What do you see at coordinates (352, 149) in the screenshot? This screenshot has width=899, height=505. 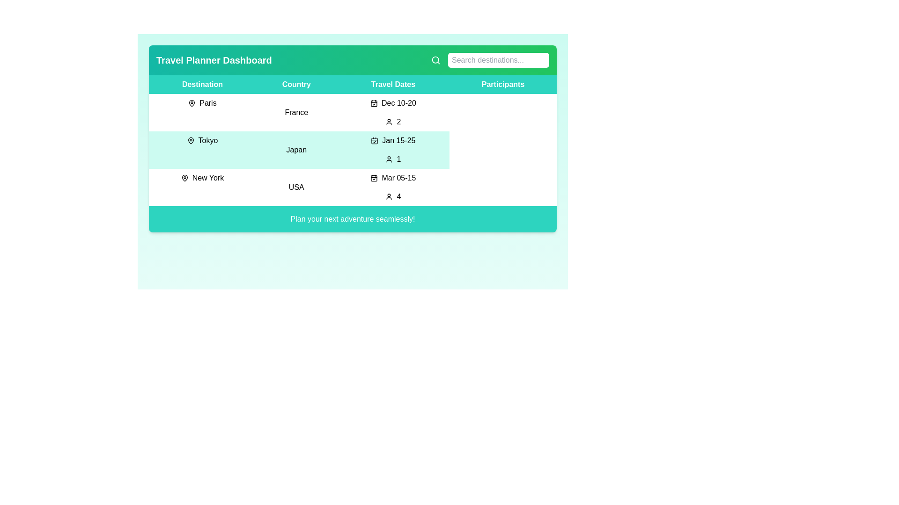 I see `the icons in the second row of the data table in the 'Travel Planner Dashboard' interface, which contains details for 'Tokyo', 'Japan', 'Jan 15-25', and '1'` at bounding box center [352, 149].